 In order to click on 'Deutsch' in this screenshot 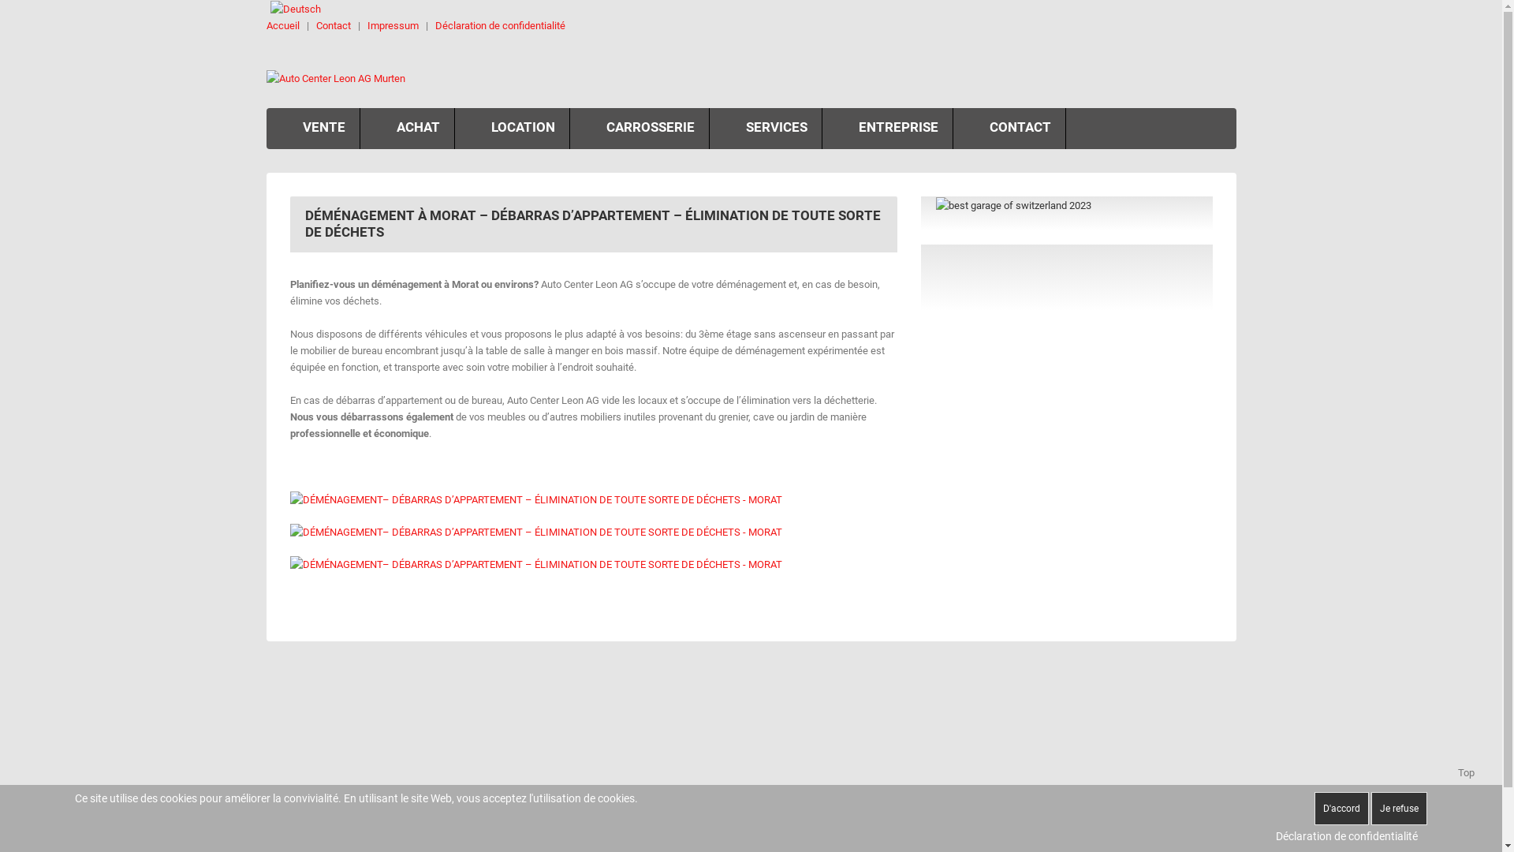, I will do `click(295, 9)`.